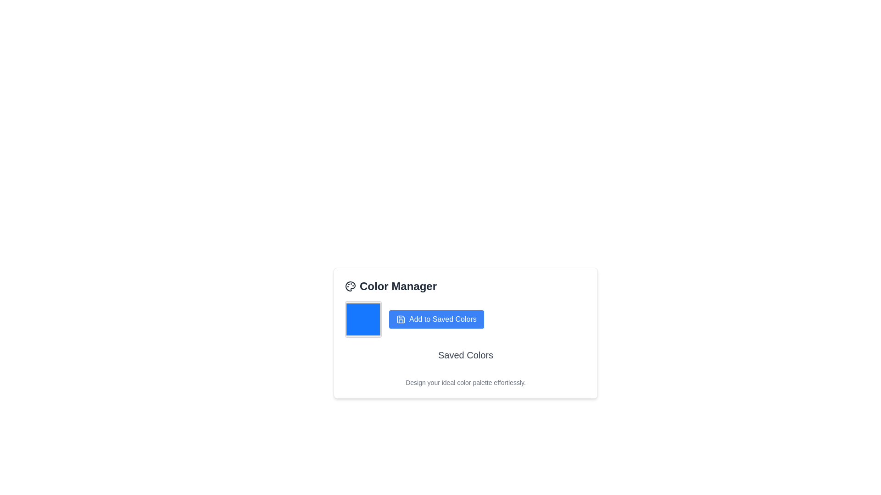  What do you see at coordinates (436, 319) in the screenshot?
I see `the button located to the immediate right of the color preview square` at bounding box center [436, 319].